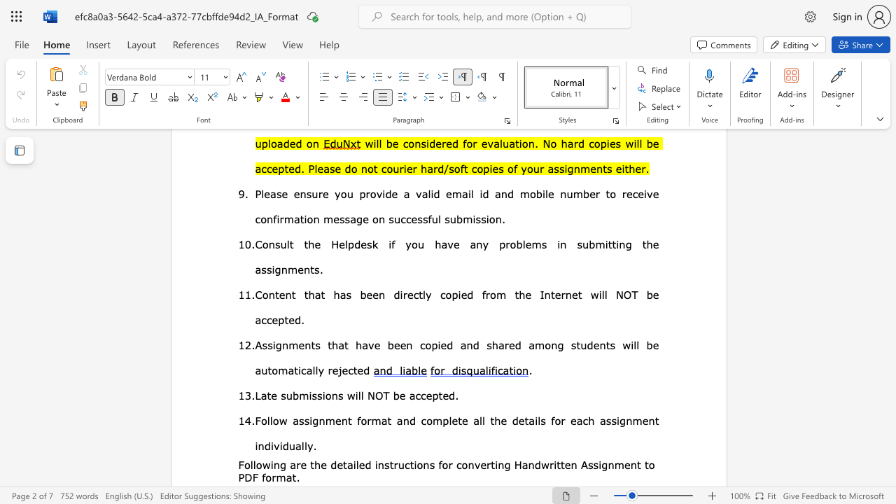 The image size is (896, 504). I want to click on the subset text "ile" within the text "detailed i", so click(353, 464).